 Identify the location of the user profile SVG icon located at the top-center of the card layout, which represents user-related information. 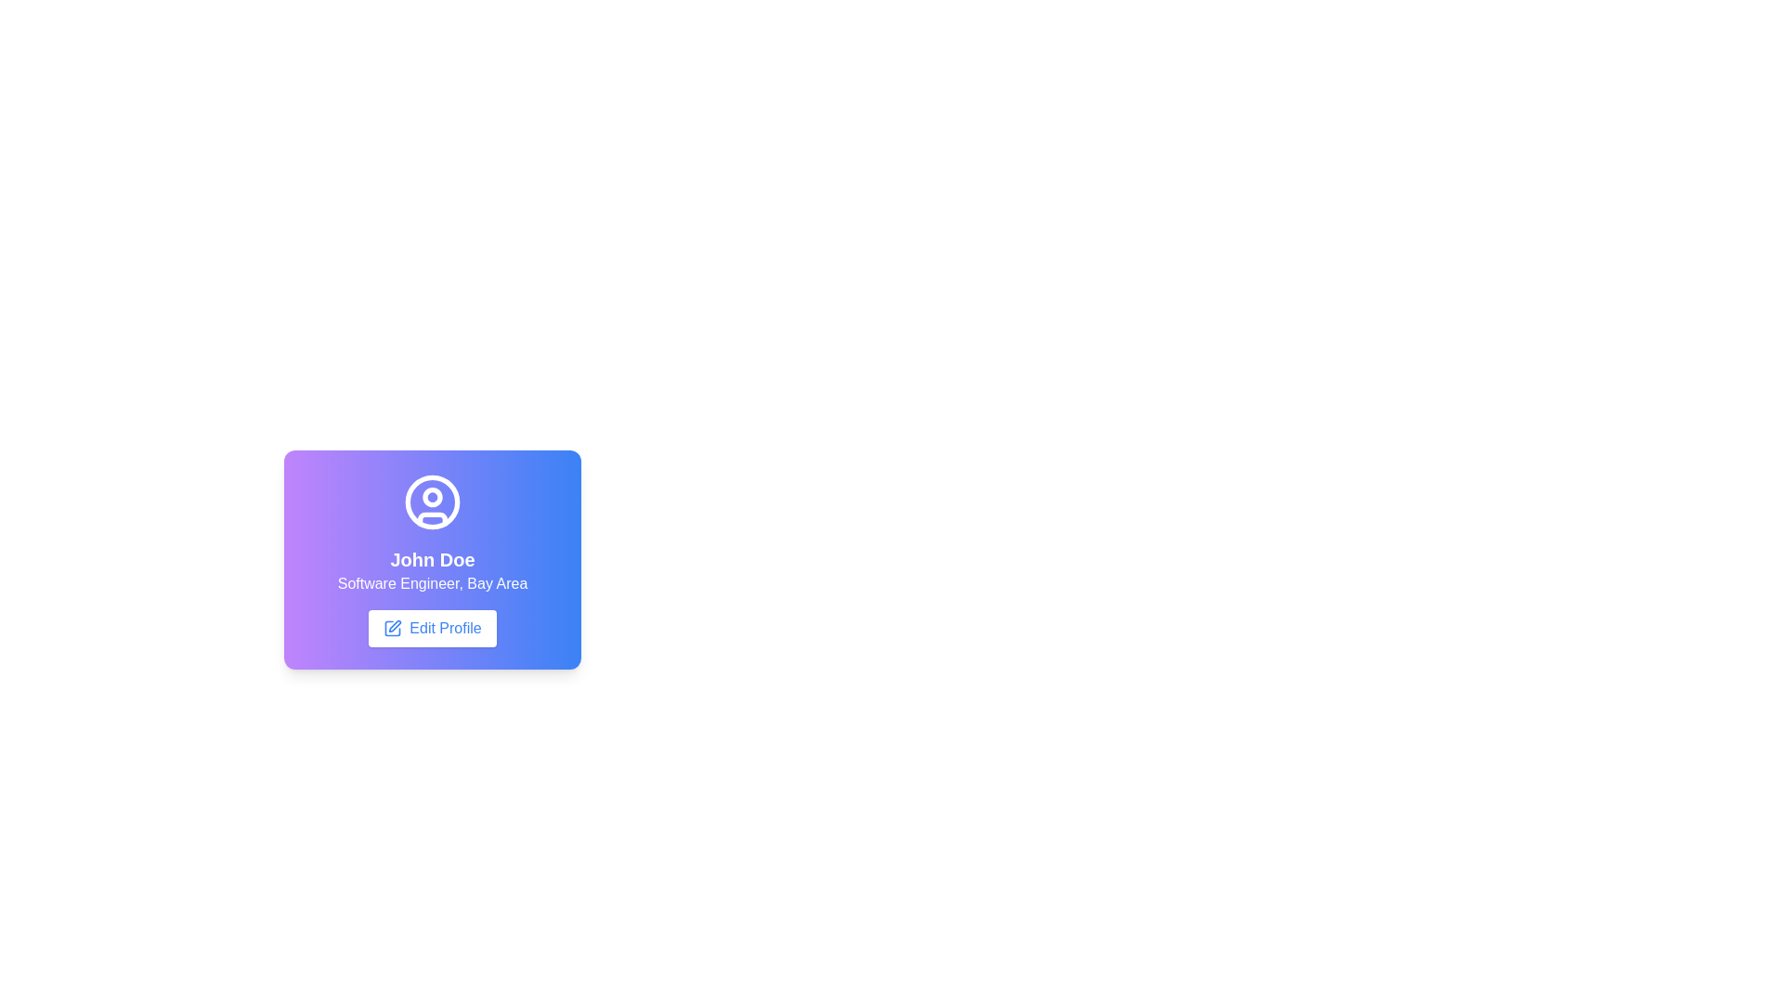
(431, 501).